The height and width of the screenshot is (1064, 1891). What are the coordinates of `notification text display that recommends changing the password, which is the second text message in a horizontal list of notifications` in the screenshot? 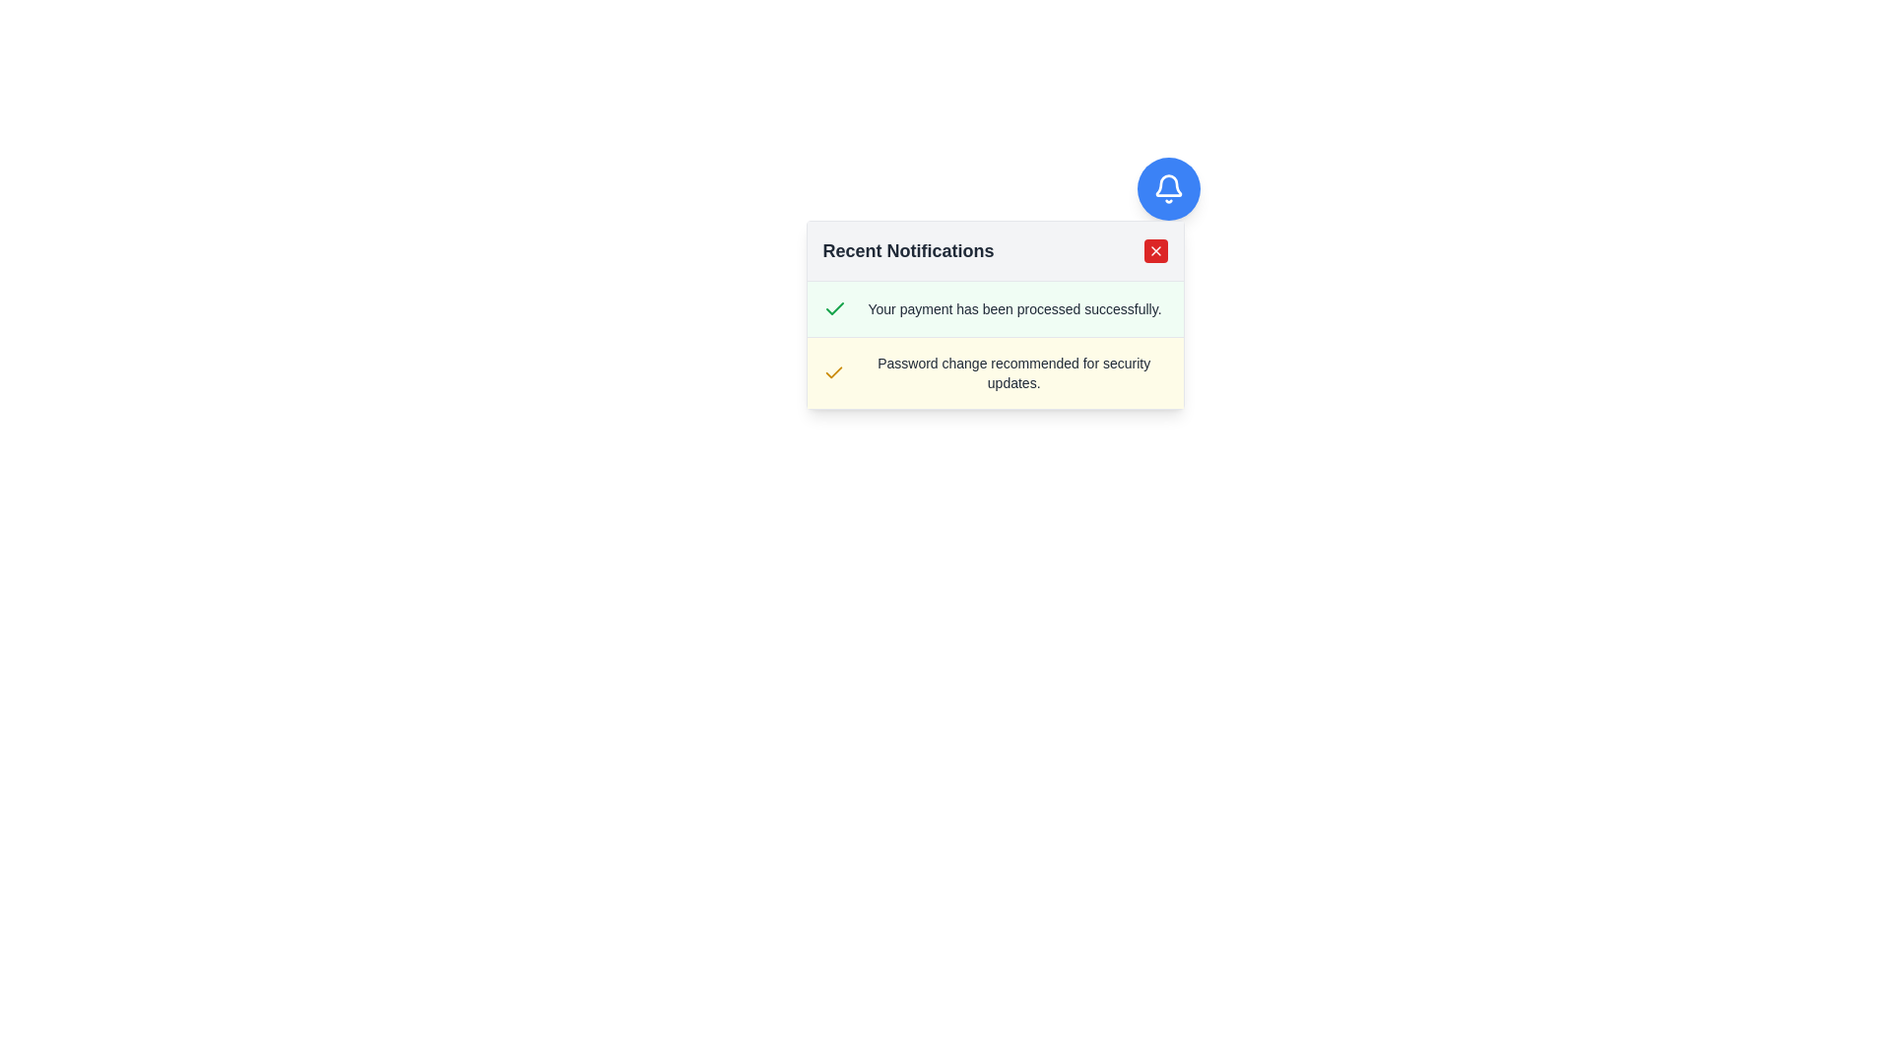 It's located at (1013, 372).